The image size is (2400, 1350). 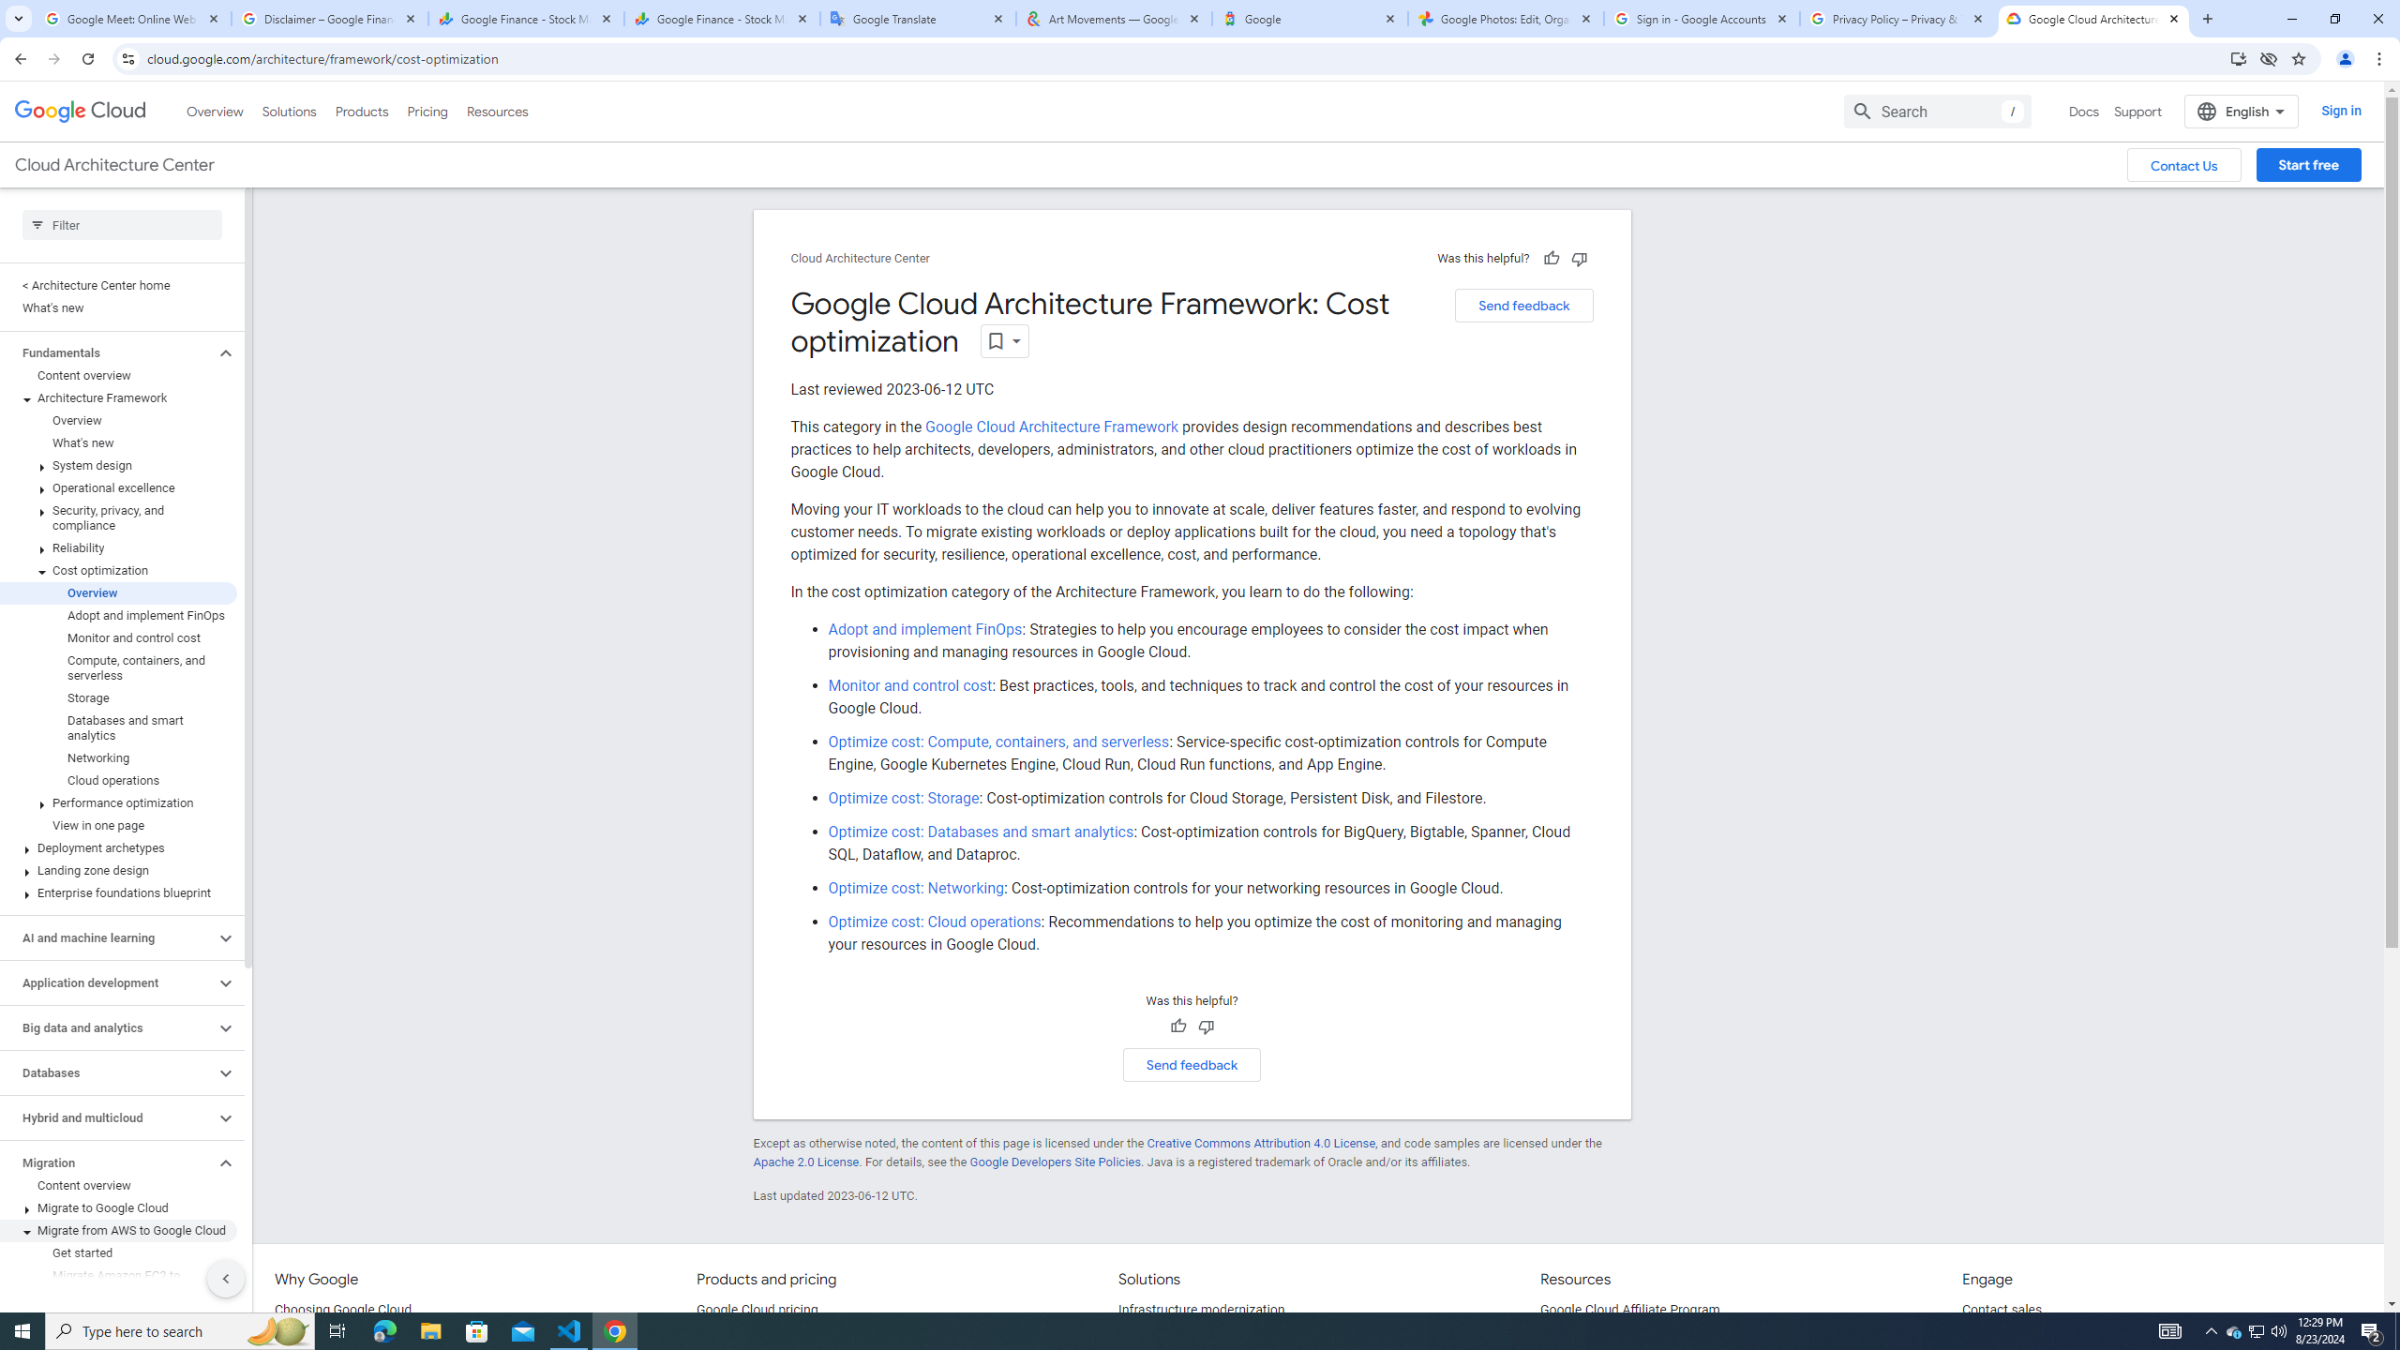 What do you see at coordinates (2182, 165) in the screenshot?
I see `'Contact Us'` at bounding box center [2182, 165].